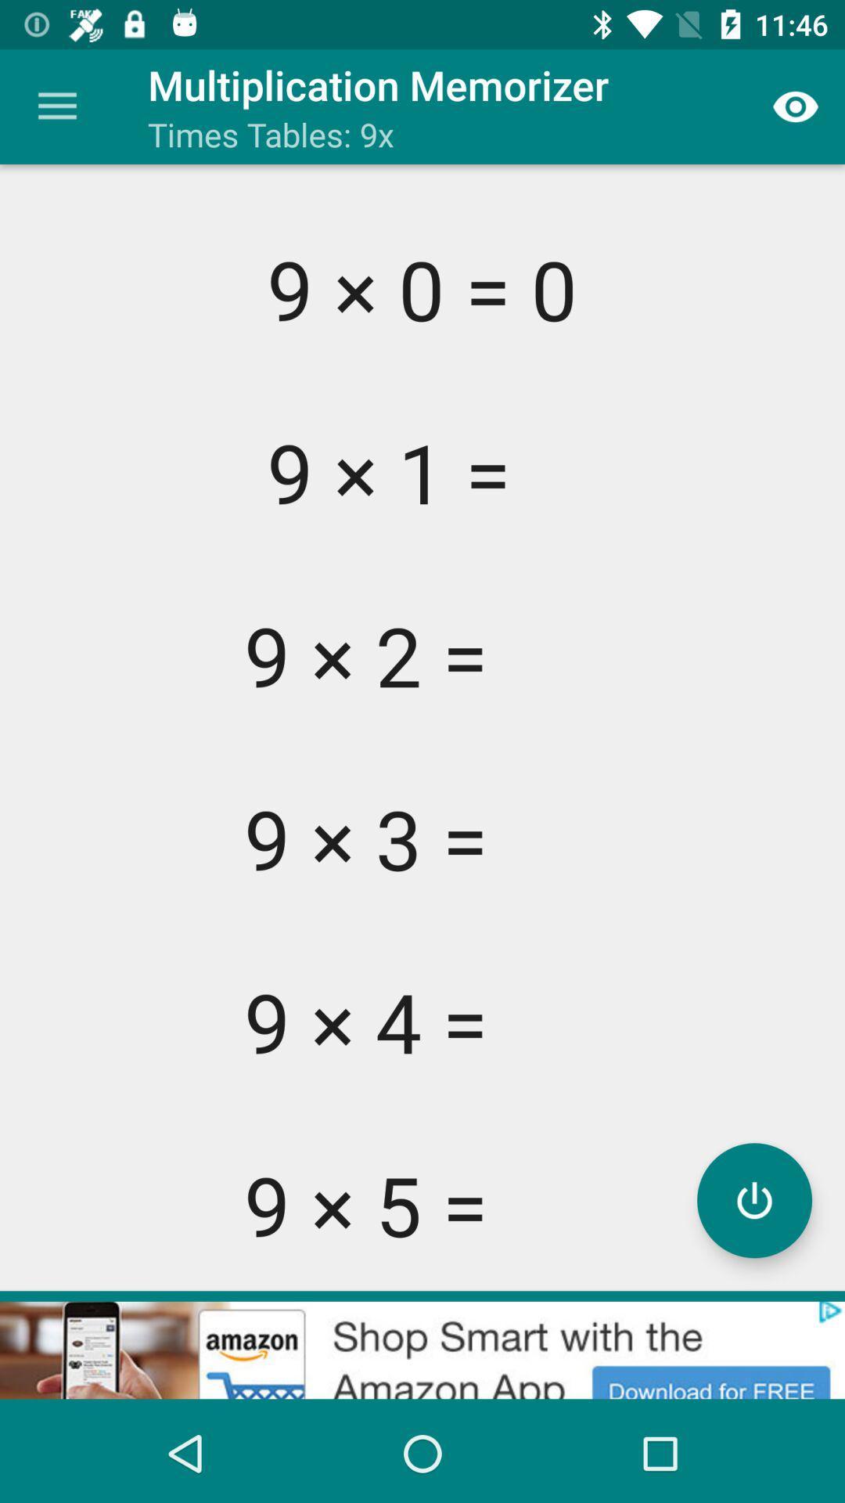 This screenshot has width=845, height=1503. What do you see at coordinates (796, 106) in the screenshot?
I see `top right corner` at bounding box center [796, 106].